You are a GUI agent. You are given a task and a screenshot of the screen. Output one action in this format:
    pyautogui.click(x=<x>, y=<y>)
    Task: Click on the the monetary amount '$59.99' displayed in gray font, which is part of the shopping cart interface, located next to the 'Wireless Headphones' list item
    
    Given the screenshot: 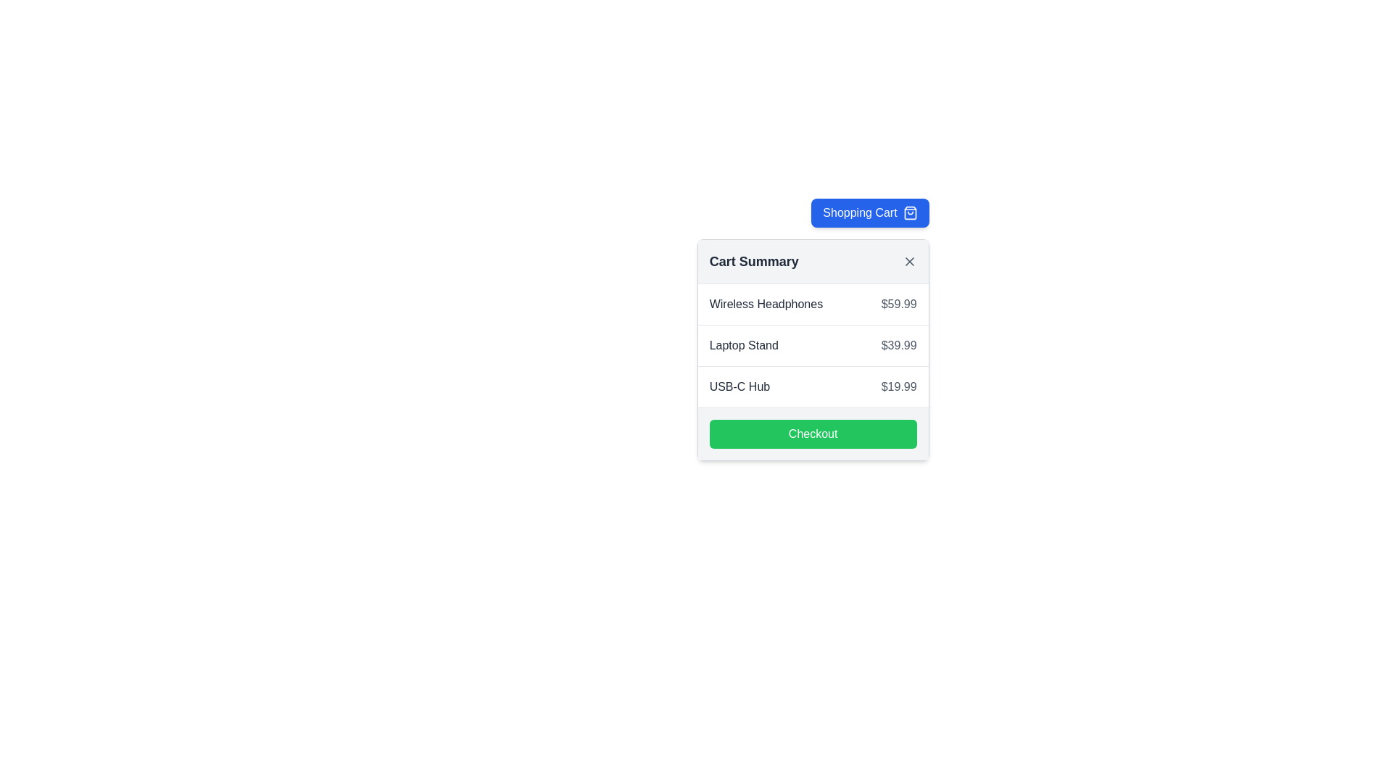 What is the action you would take?
    pyautogui.click(x=898, y=304)
    